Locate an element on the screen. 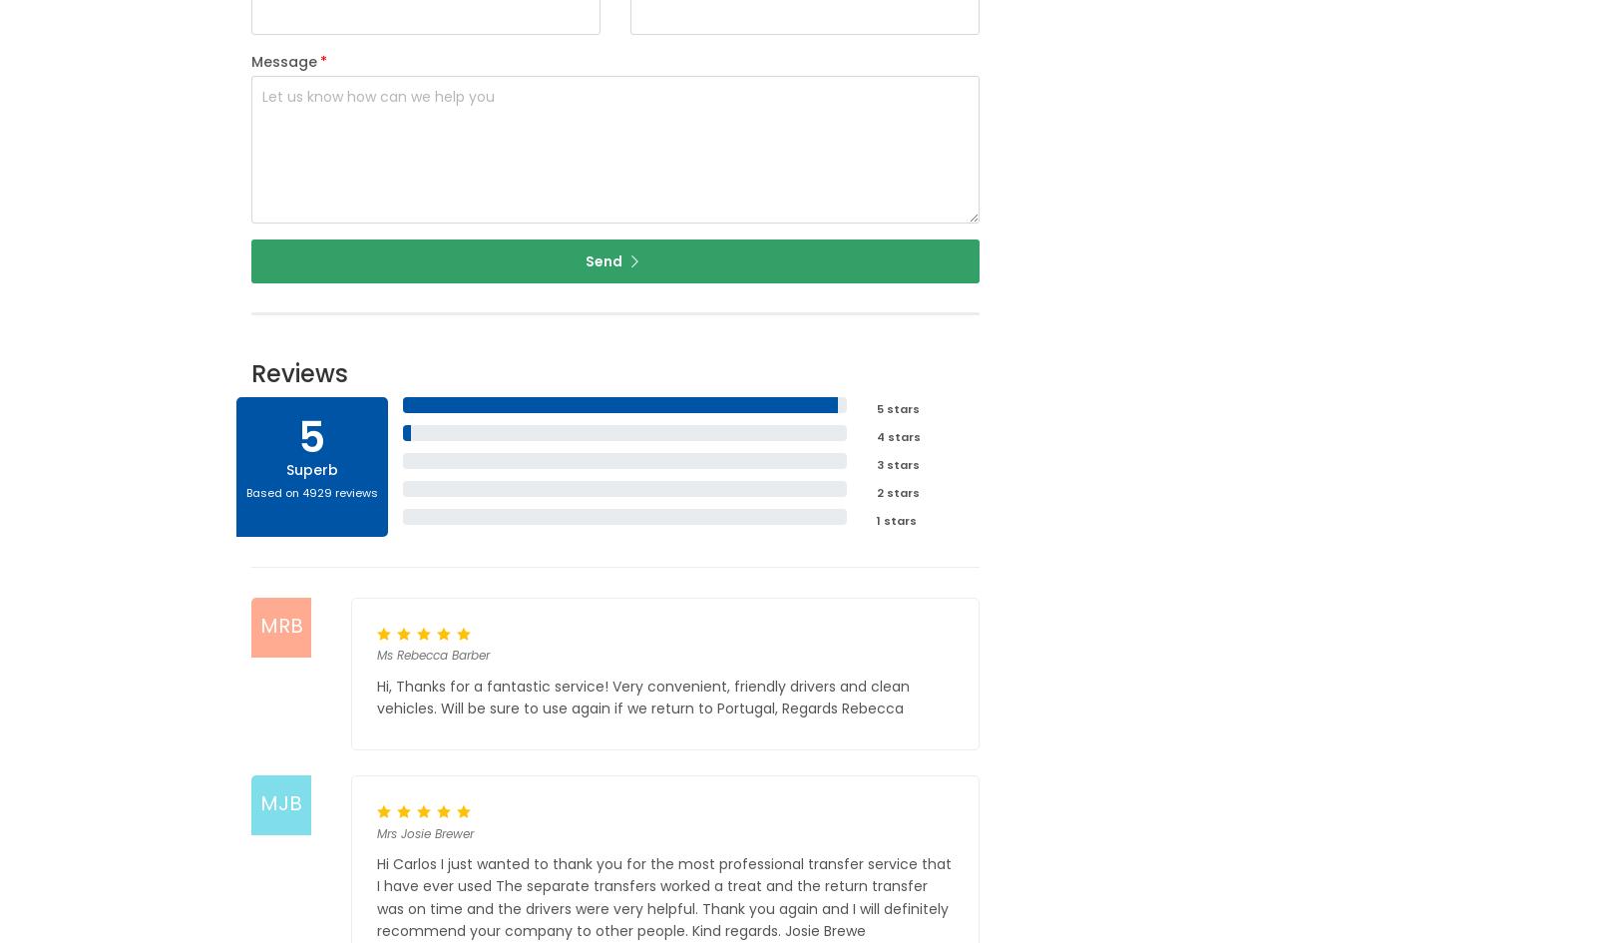 This screenshot has width=1609, height=943. '2 stars' is located at coordinates (897, 492).